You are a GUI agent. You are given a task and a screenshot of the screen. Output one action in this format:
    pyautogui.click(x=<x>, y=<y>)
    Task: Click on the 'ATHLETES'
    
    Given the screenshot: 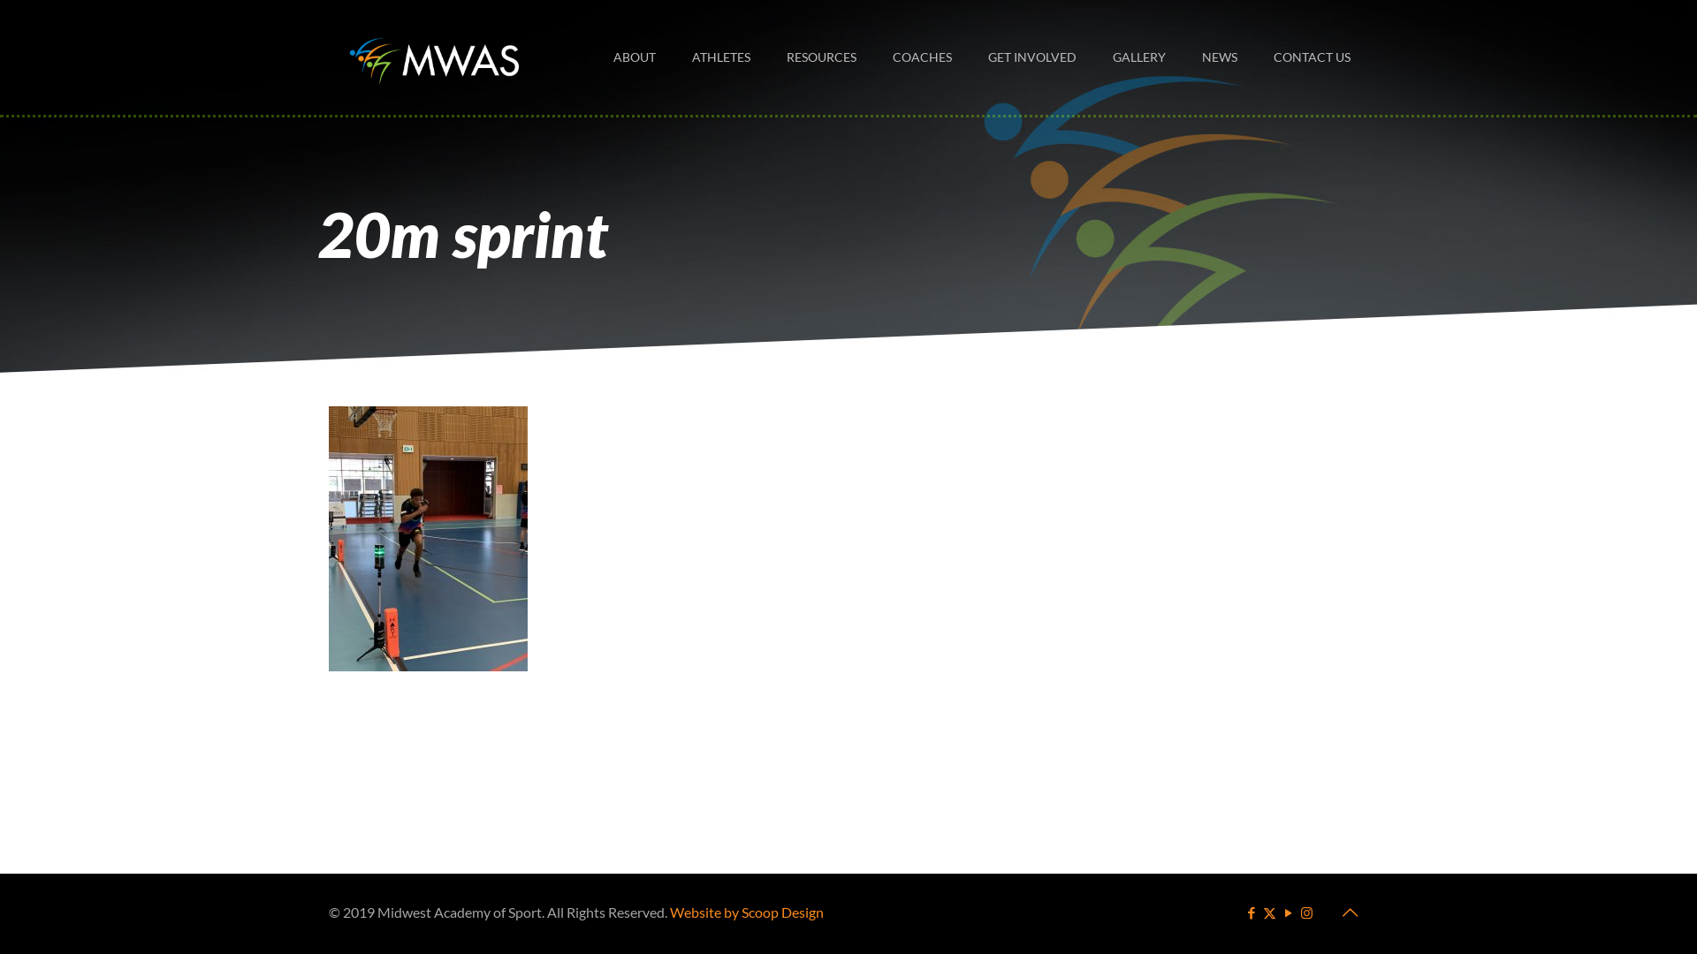 What is the action you would take?
    pyautogui.click(x=721, y=57)
    